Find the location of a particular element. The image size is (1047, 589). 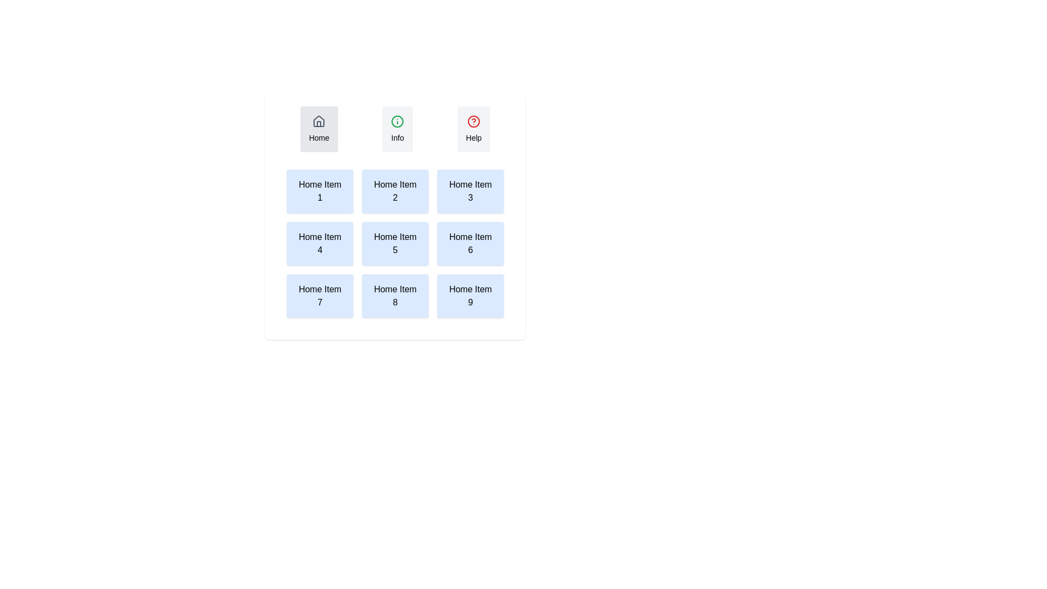

the Info tab by clicking on its button is located at coordinates (397, 128).